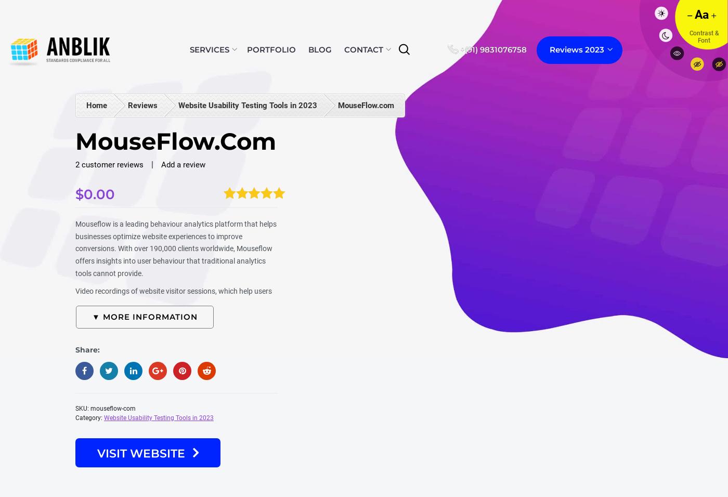 The height and width of the screenshot is (497, 728). What do you see at coordinates (491, 49) in the screenshot?
I see `'+(91) 9831076758'` at bounding box center [491, 49].